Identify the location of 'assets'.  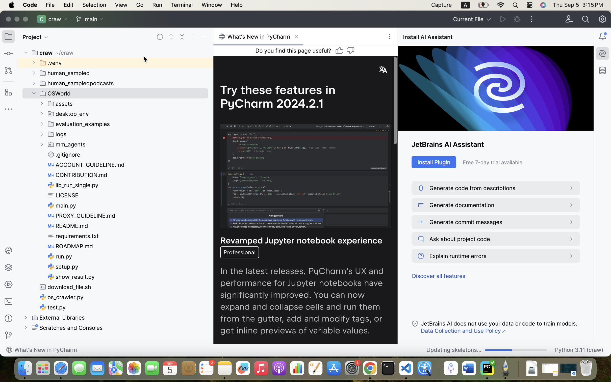
(60, 103).